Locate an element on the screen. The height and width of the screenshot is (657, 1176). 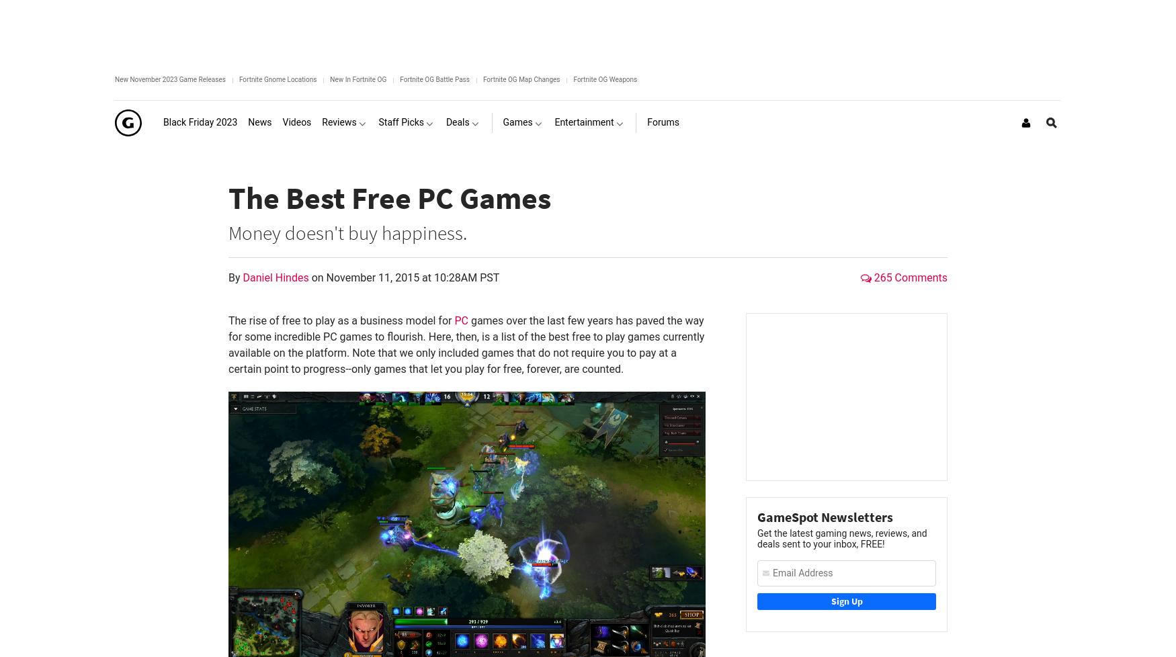
'The Best Free PC Games' is located at coordinates (389, 196).